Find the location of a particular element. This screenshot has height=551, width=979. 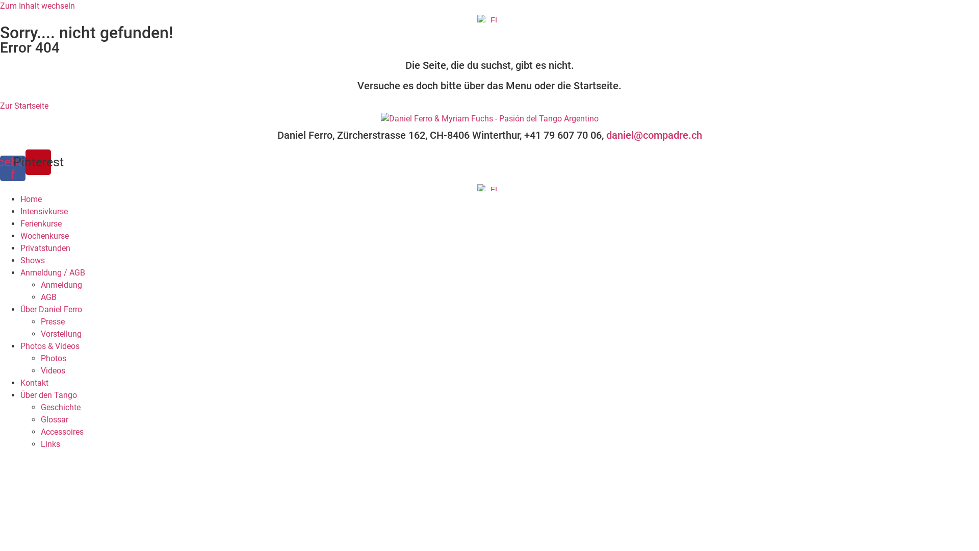

'Zur Startseite' is located at coordinates (24, 106).